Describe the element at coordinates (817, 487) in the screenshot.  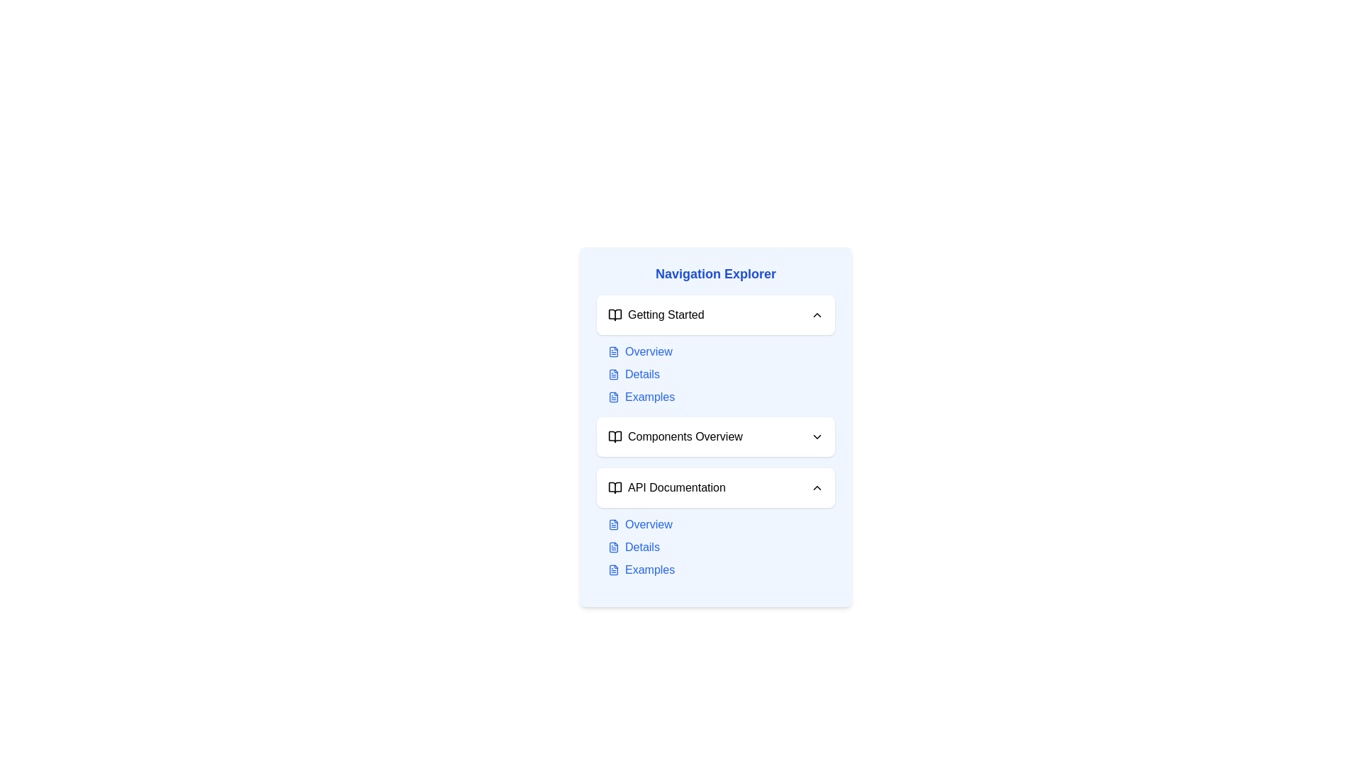
I see `the chevron-up icon button located on the right side of the 'API Documentation' section` at that location.